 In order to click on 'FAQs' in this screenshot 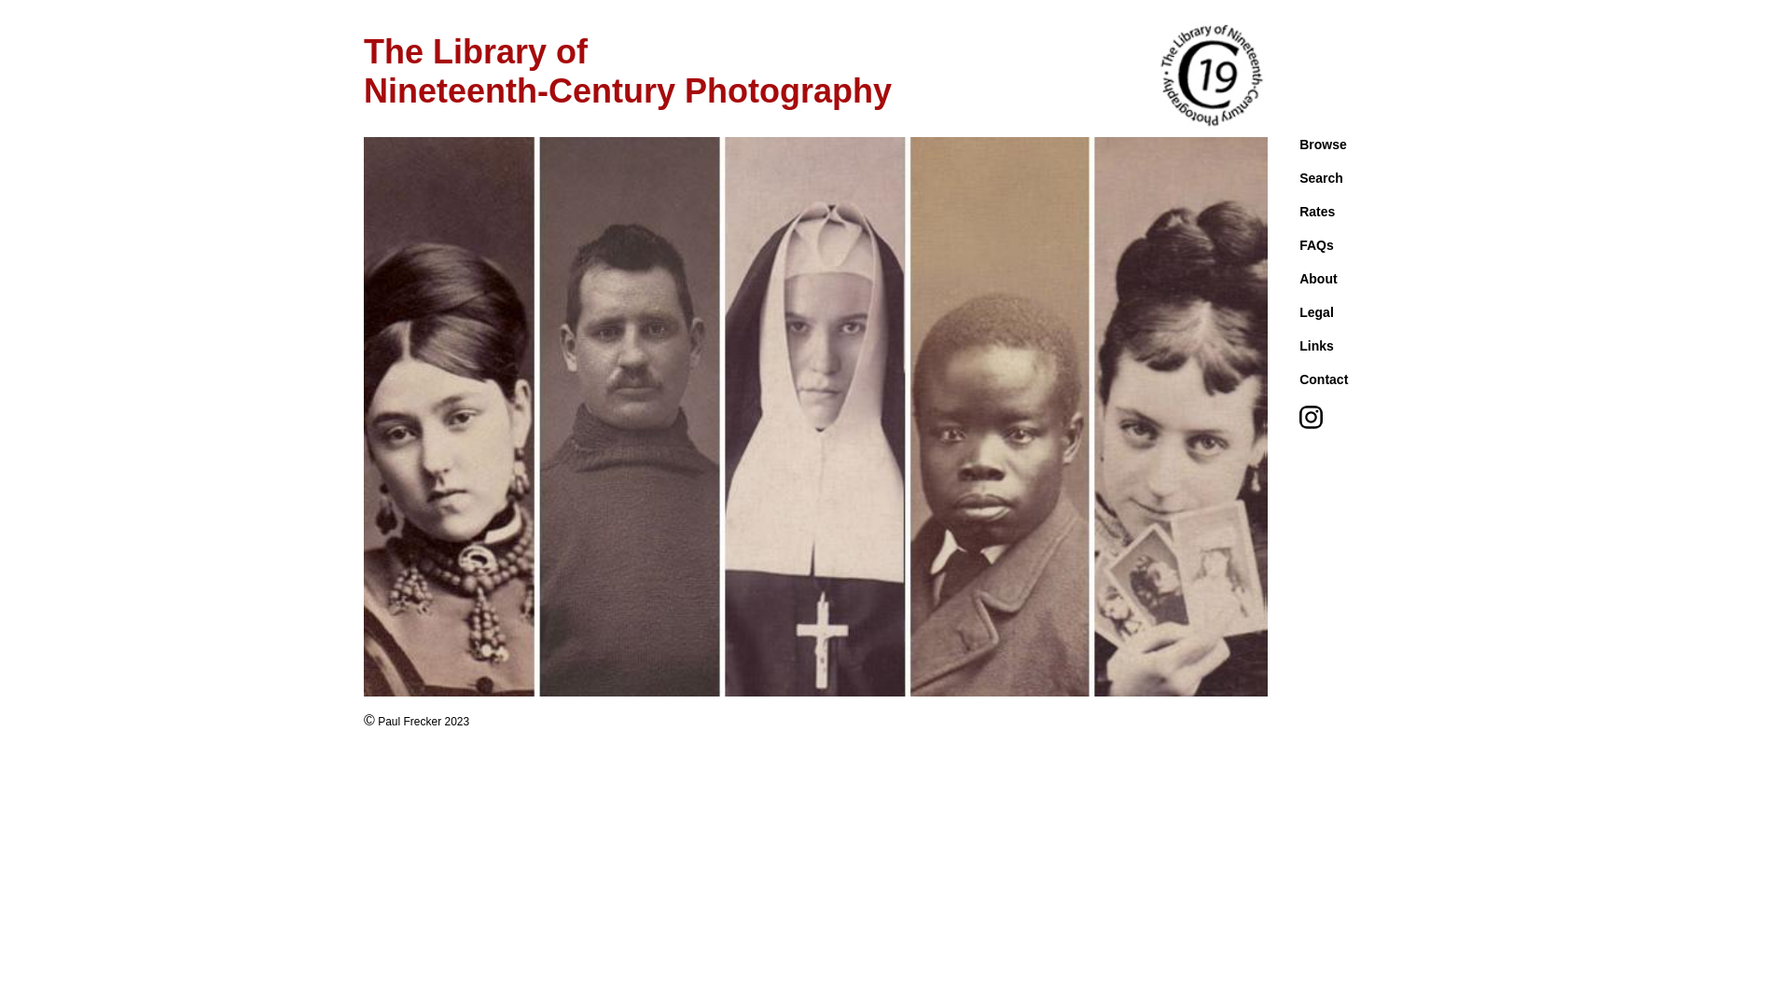, I will do `click(1315, 243)`.